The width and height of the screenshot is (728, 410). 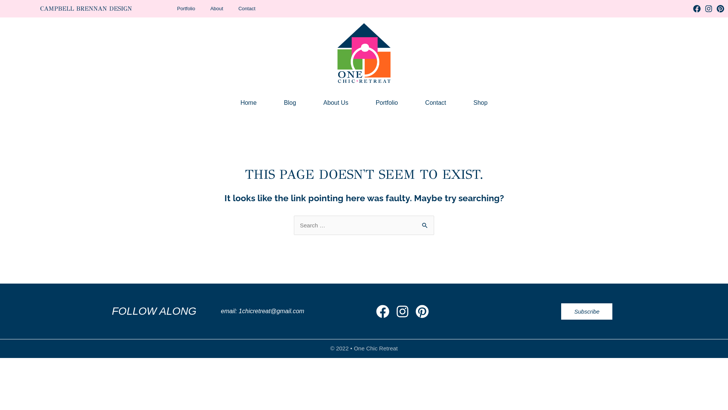 I want to click on 'Subscribe', so click(x=586, y=311).